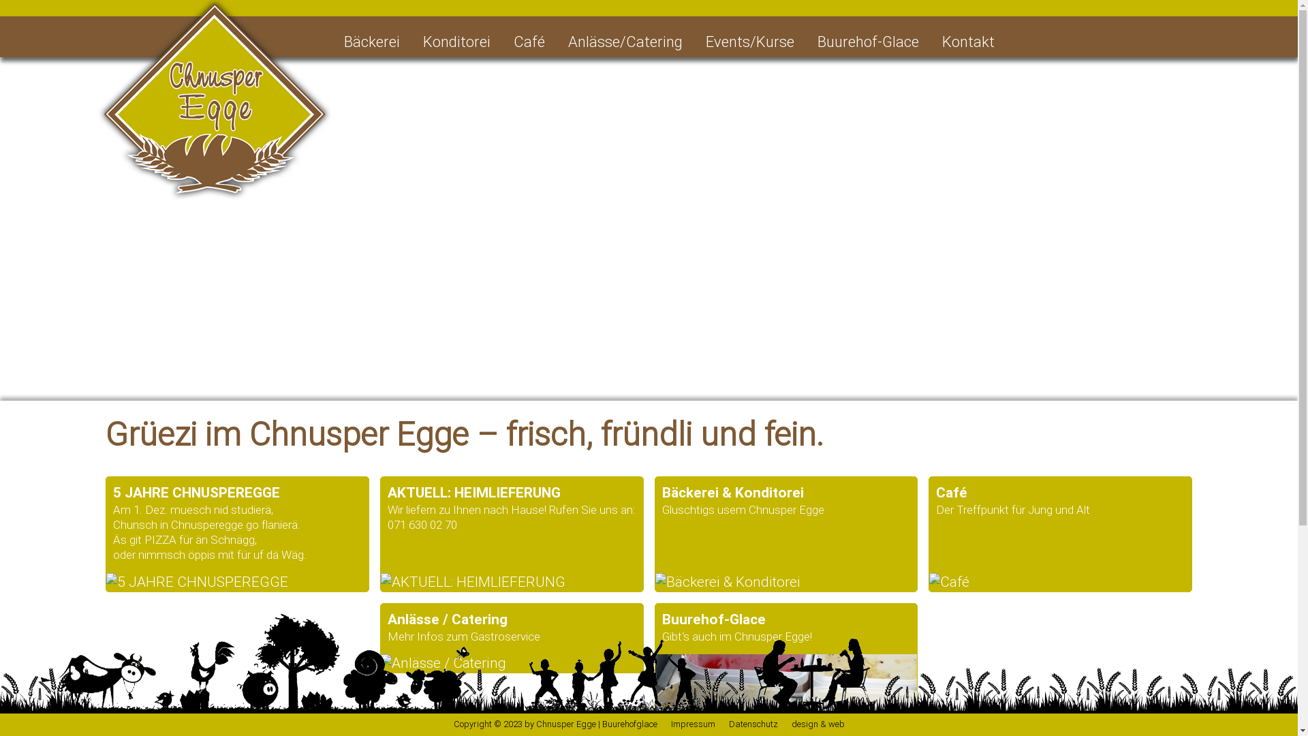 The width and height of the screenshot is (1308, 736). Describe the element at coordinates (817, 723) in the screenshot. I see `'design & web'` at that location.